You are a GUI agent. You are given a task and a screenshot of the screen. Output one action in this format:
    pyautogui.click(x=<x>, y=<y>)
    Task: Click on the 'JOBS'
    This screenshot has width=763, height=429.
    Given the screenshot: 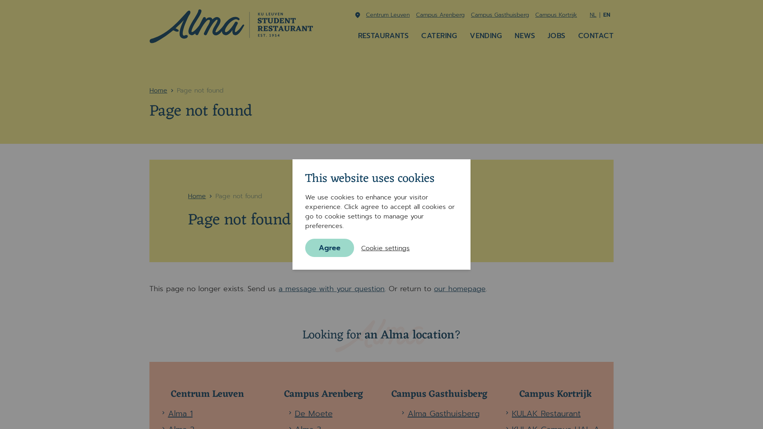 What is the action you would take?
    pyautogui.click(x=556, y=35)
    